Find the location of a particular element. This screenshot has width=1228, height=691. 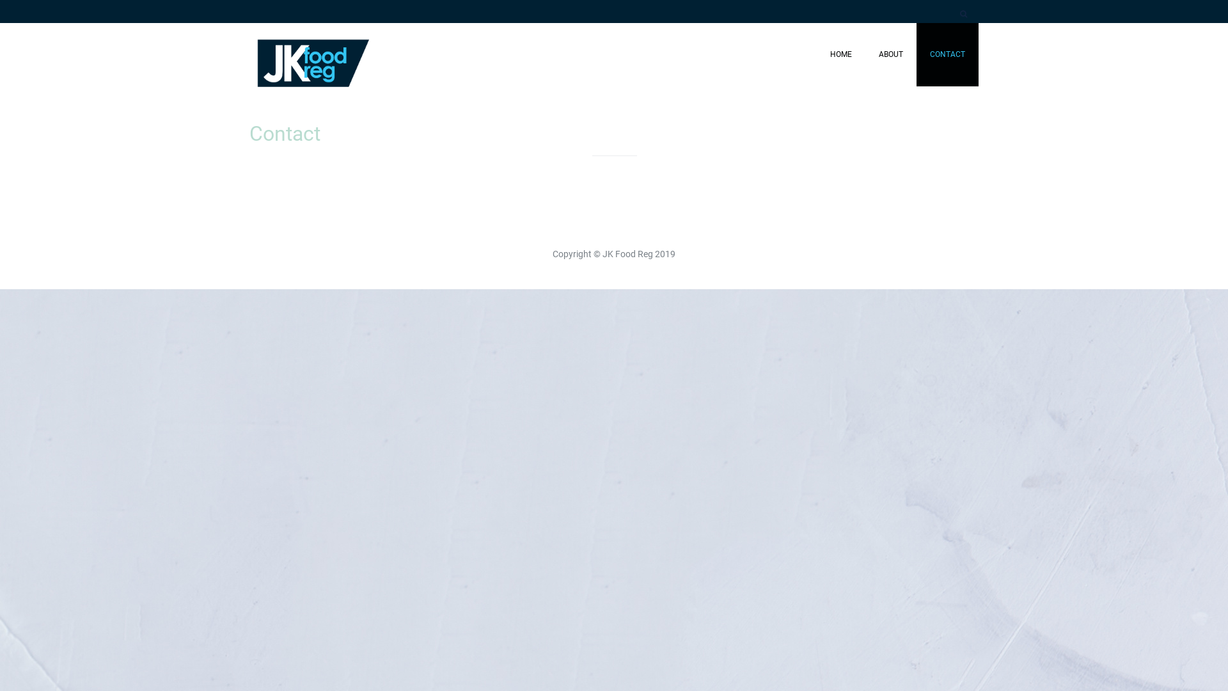

'CONTACT' is located at coordinates (947, 54).